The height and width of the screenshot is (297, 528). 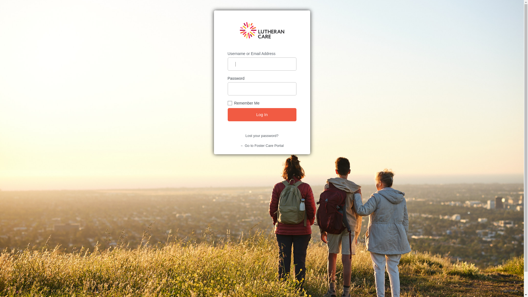 What do you see at coordinates (262, 136) in the screenshot?
I see `'Lost your password?'` at bounding box center [262, 136].